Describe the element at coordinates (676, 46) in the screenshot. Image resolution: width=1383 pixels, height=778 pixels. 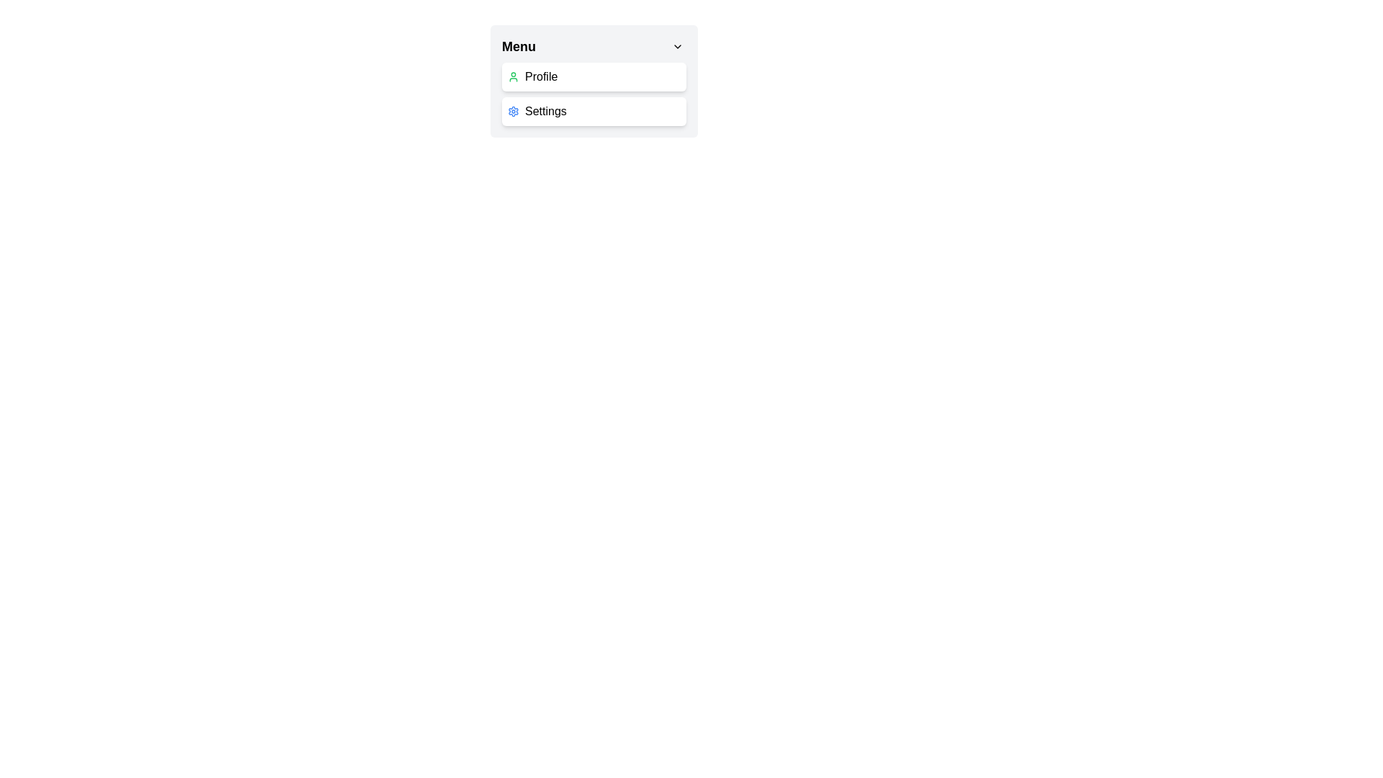
I see `the toggle button located to the far right of the 'Menu' title text` at that location.